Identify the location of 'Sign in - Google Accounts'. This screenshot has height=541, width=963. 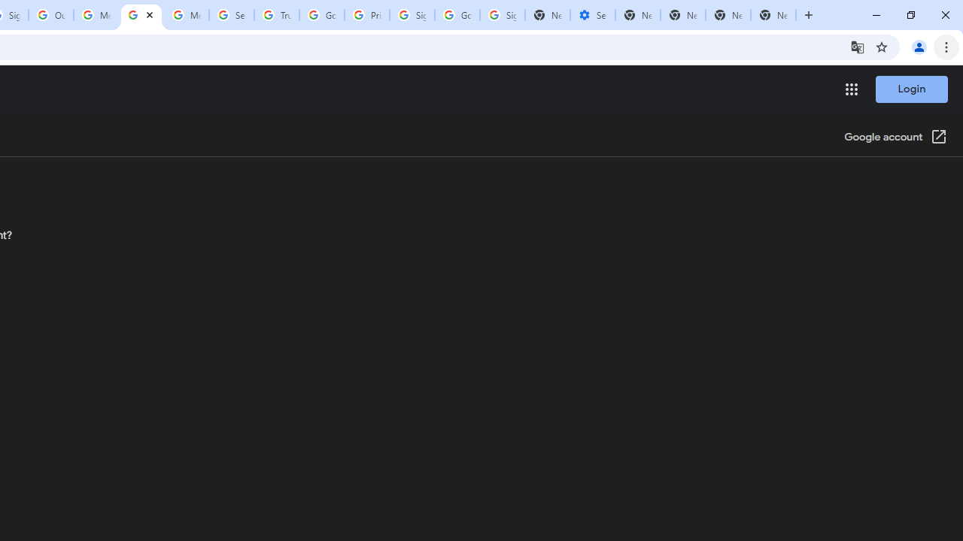
(412, 15).